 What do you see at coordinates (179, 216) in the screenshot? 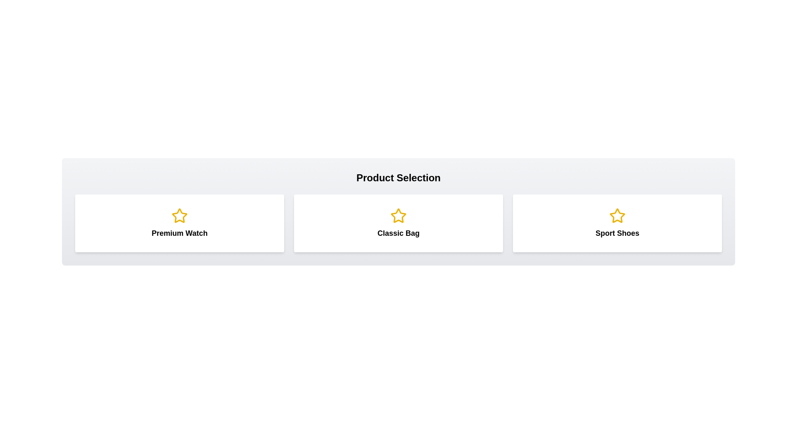
I see `the golden-yellow star-shaped icon located at the top of the card labeled 'Premium Watch' to interact with its functionality` at bounding box center [179, 216].